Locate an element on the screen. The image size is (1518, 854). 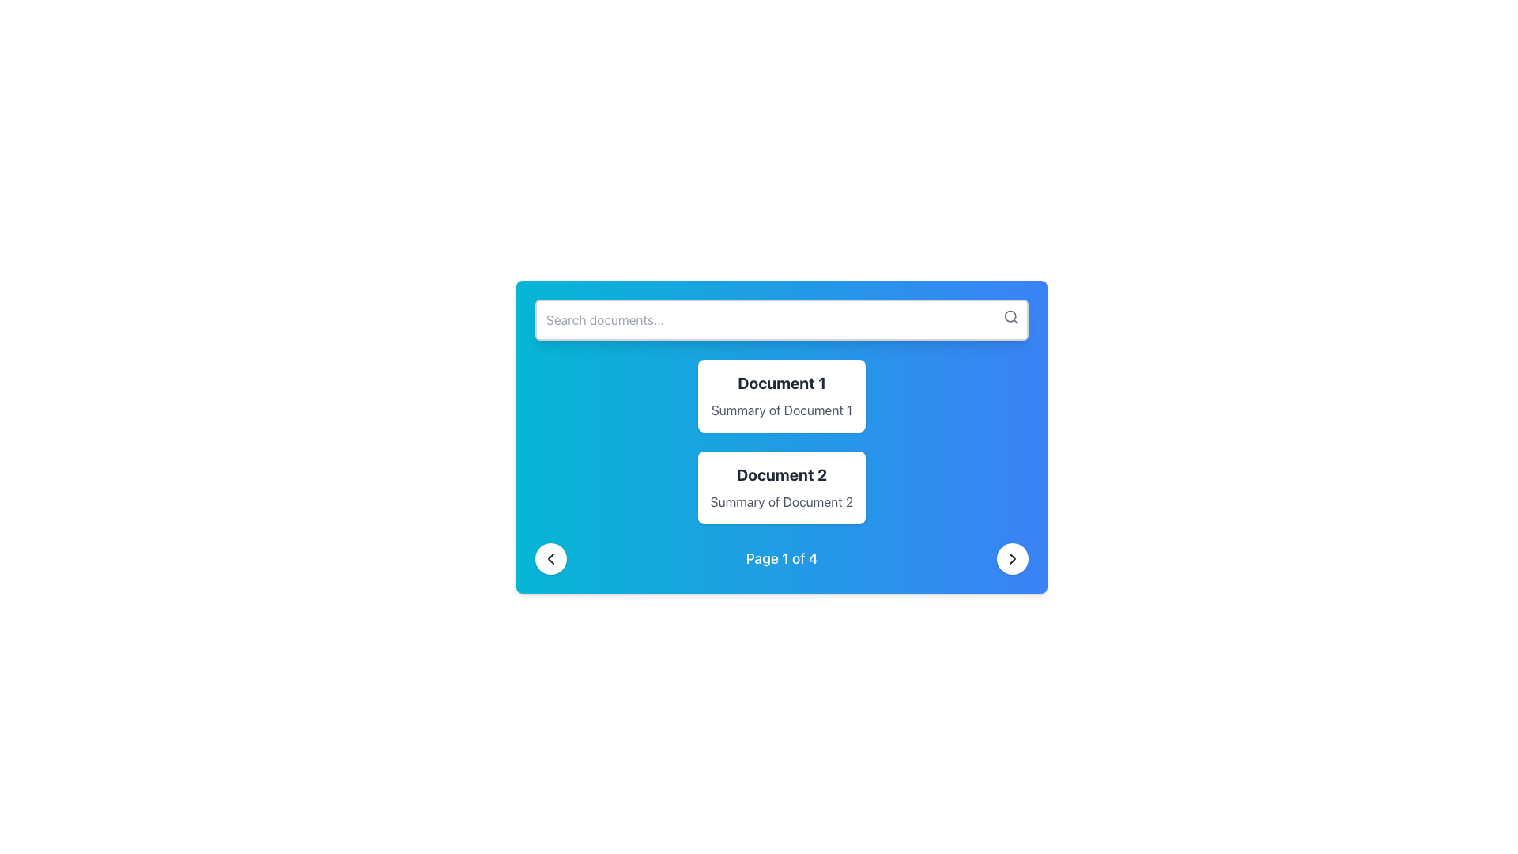
the text label 'Page 1 of 4' in the pagination bar, which is centrally aligned within the navigation control bar at the bottom of the card layout is located at coordinates (781, 557).